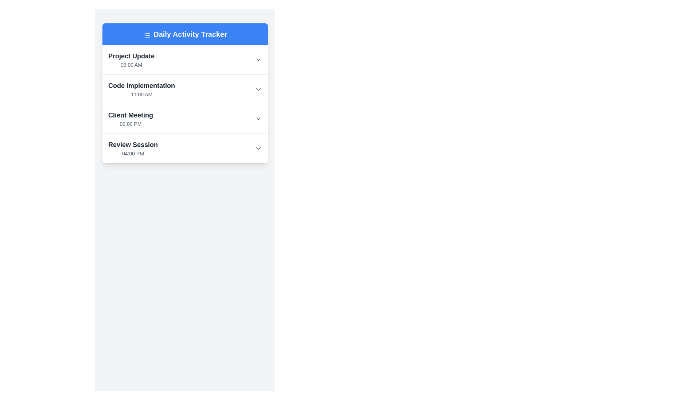 The image size is (700, 394). What do you see at coordinates (258, 89) in the screenshot?
I see `the downward-facing chevron icon of the Toggle button (icon-based) that is aligned with the 'Code Implementation' heading and its timestamp ('11:00 AM')` at bounding box center [258, 89].